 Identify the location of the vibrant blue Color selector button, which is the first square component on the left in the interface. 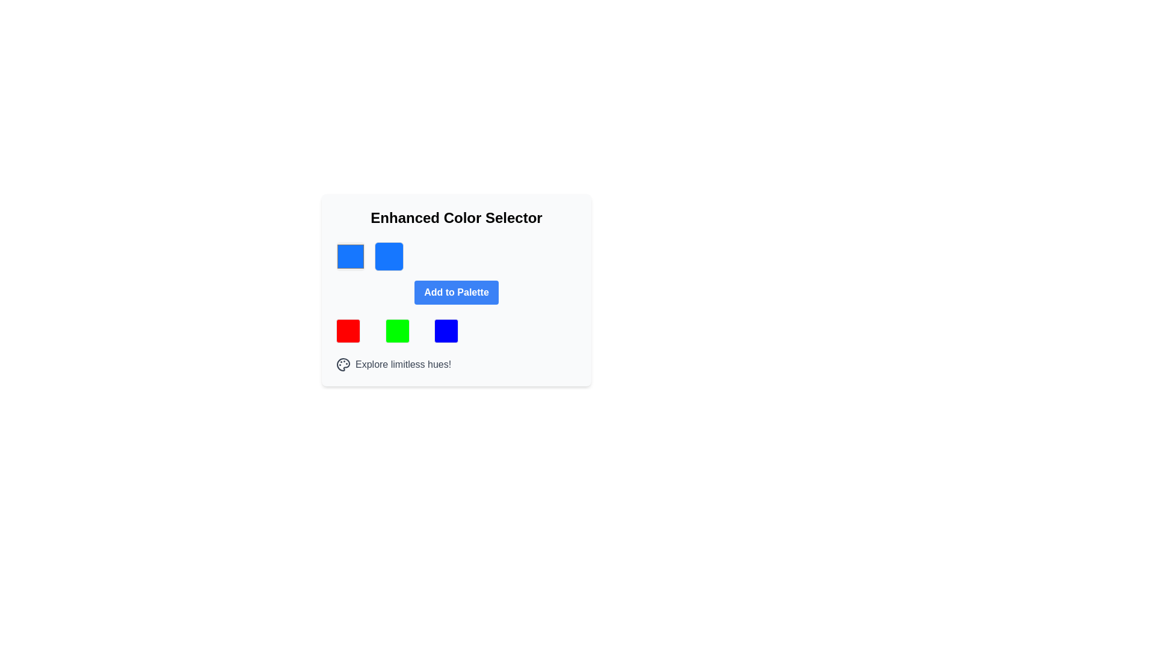
(350, 256).